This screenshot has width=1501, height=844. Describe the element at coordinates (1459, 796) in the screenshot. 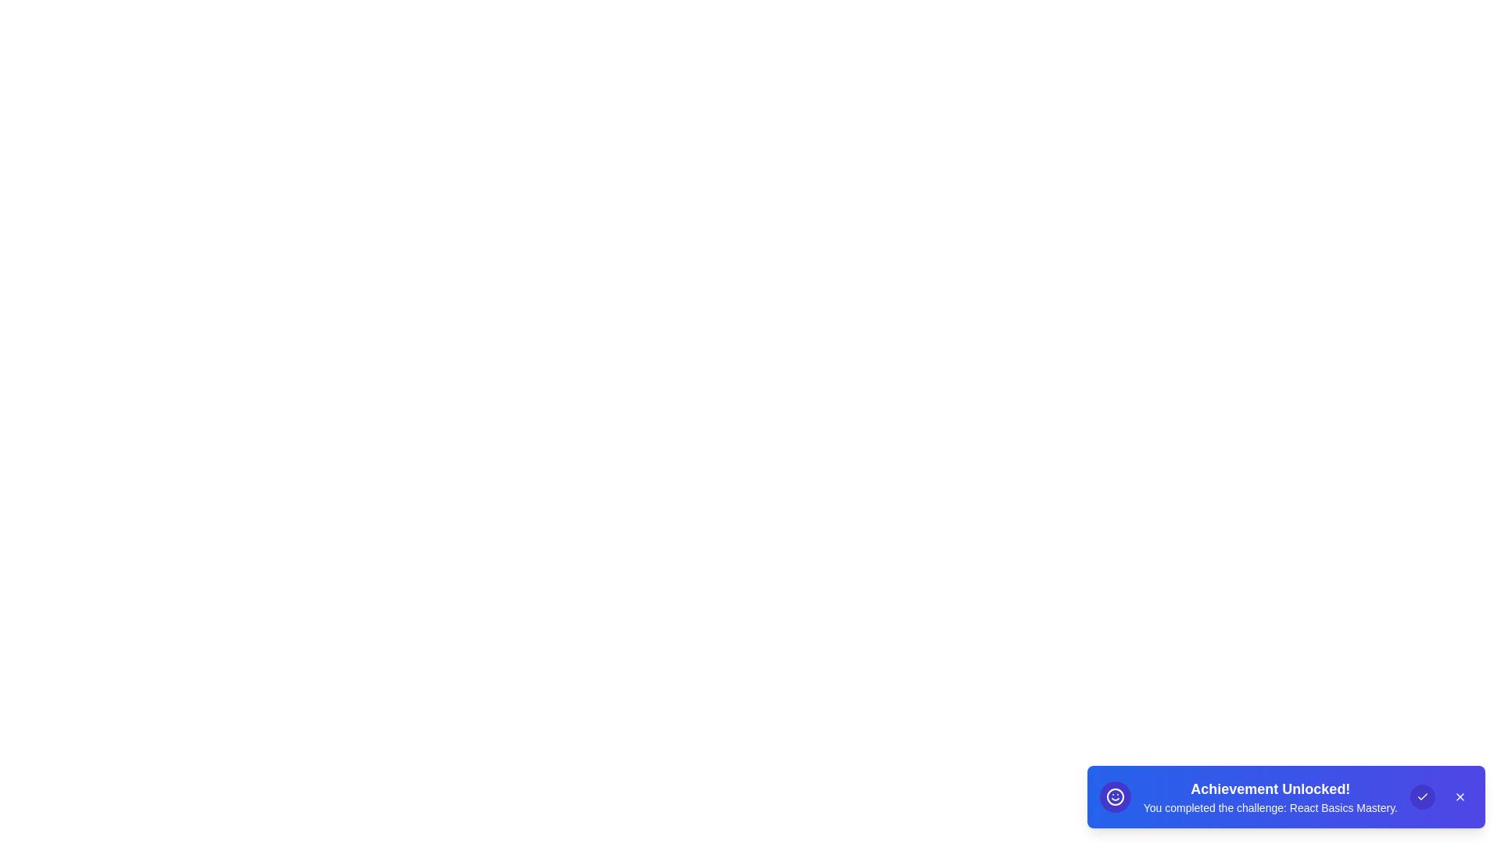

I see `the button close_button to observe the hover effect` at that location.